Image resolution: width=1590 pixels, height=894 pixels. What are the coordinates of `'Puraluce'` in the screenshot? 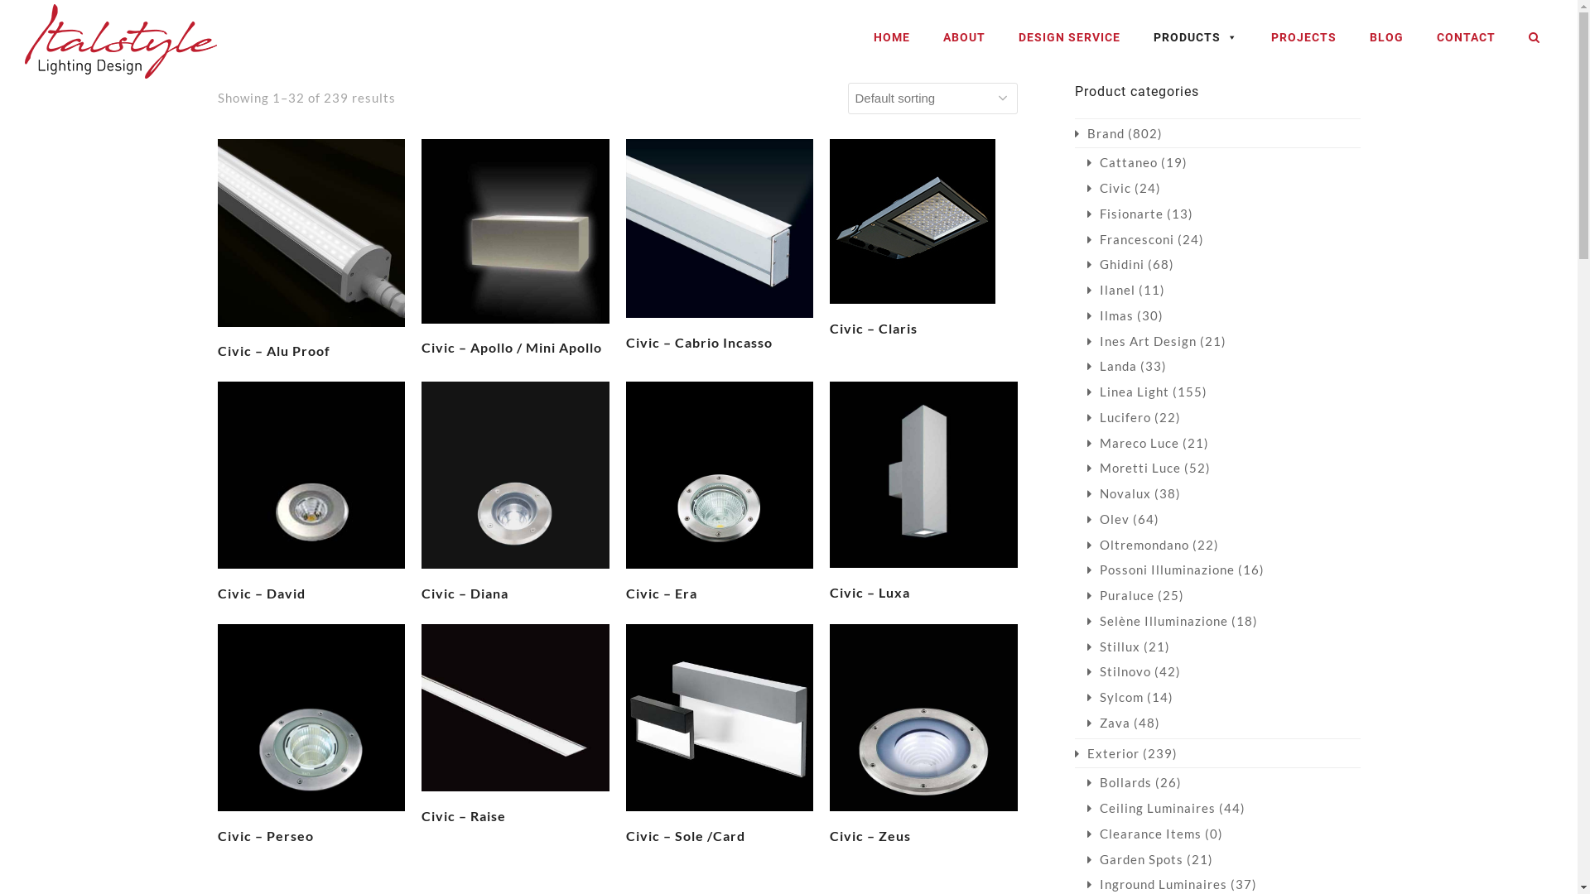 It's located at (1120, 594).